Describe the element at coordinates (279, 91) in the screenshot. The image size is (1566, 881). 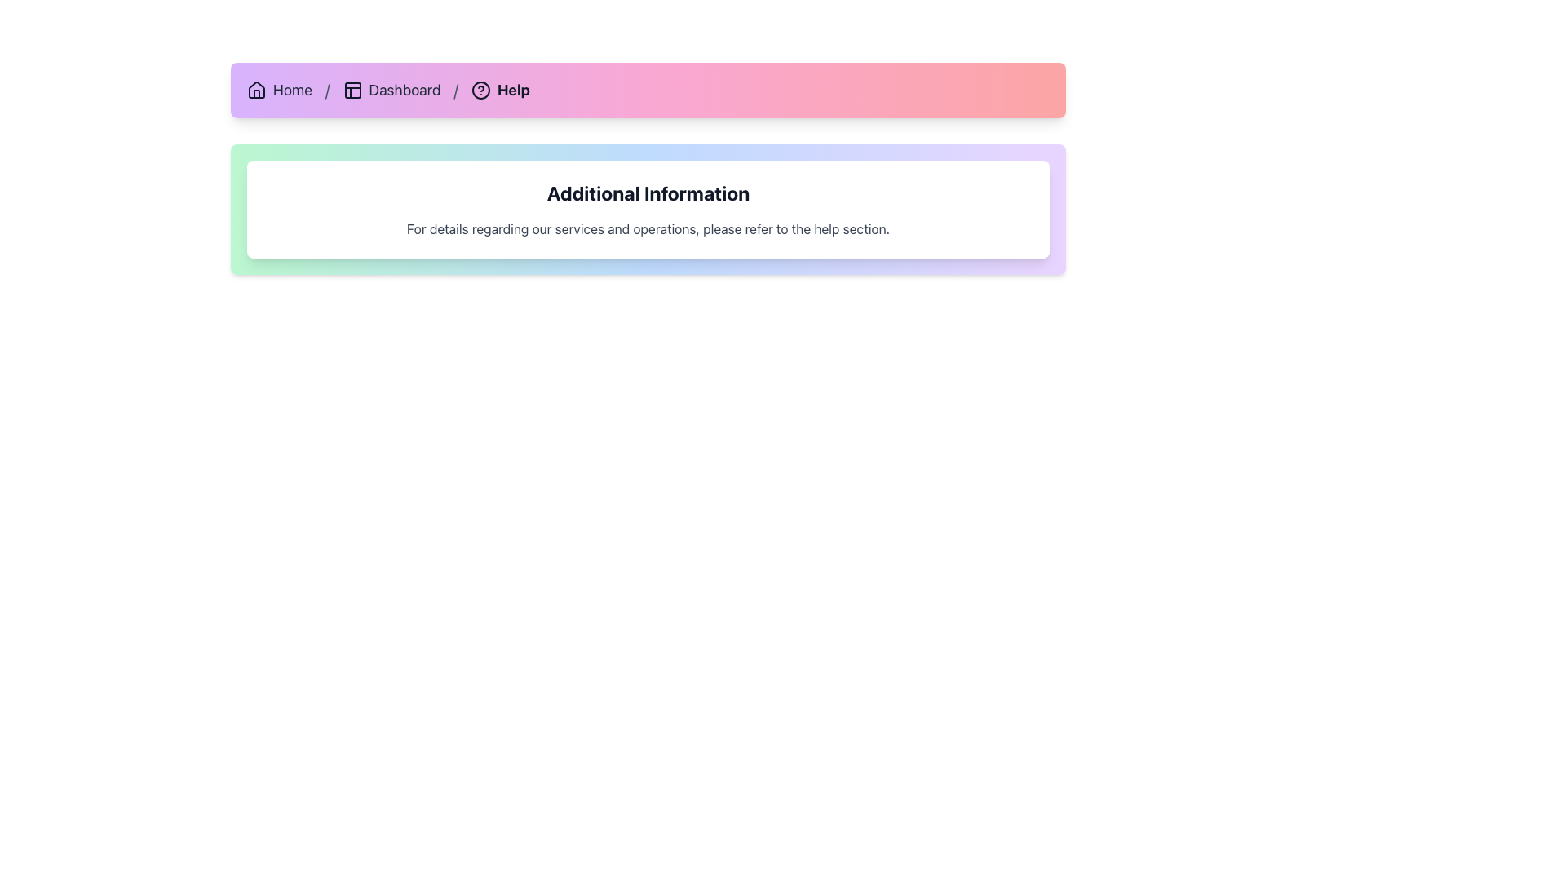
I see `the 'Home' breadcrumb item, which consists of a bold gray text label and a black house icon, located at the far left of the navigation bar` at that location.